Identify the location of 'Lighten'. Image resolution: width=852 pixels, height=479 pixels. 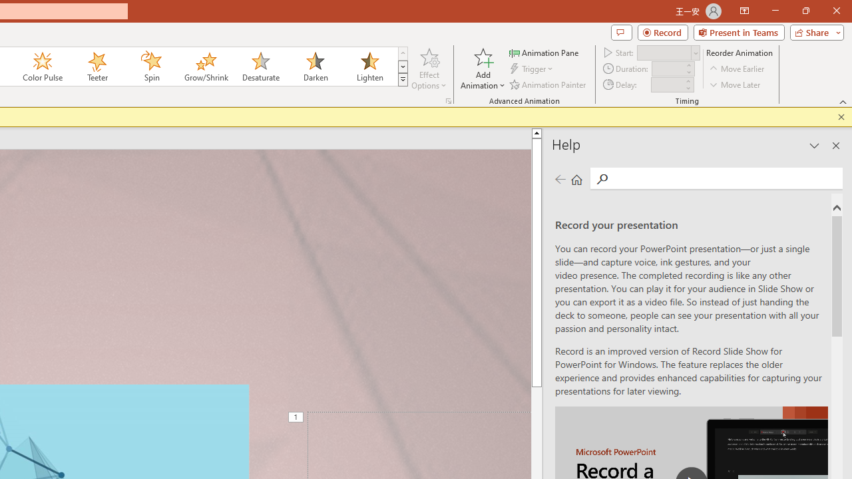
(369, 67).